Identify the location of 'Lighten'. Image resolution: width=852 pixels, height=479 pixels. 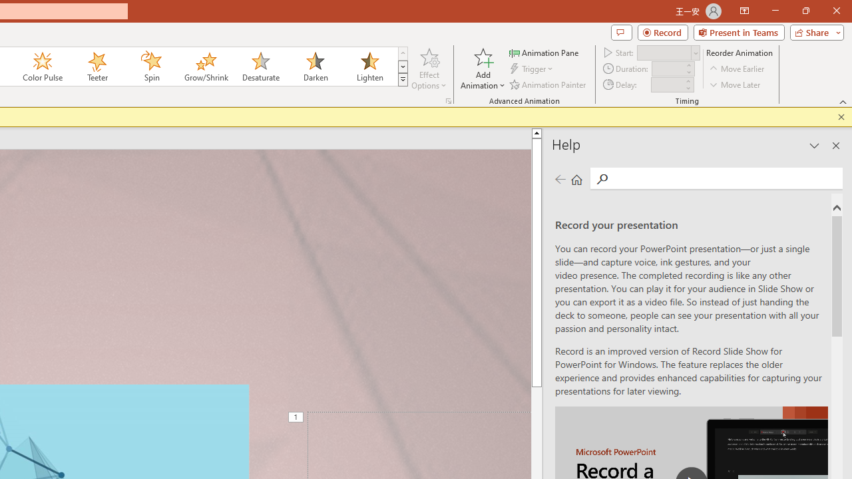
(369, 67).